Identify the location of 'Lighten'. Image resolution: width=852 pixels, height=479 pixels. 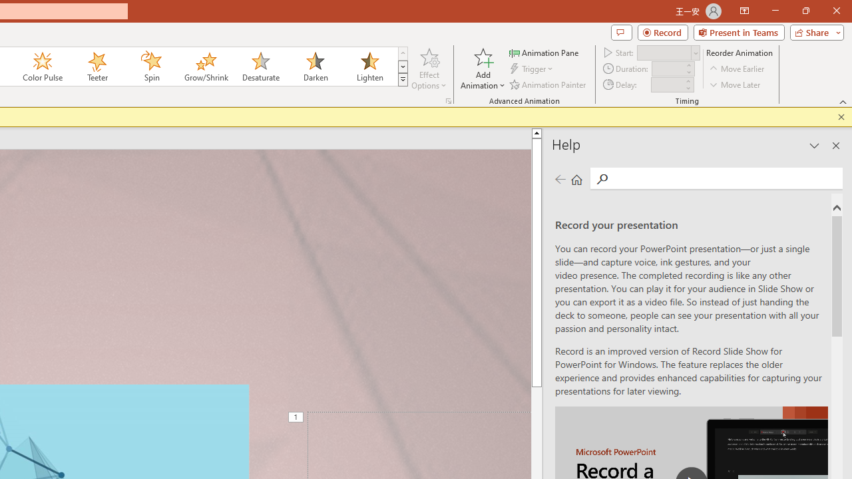
(369, 67).